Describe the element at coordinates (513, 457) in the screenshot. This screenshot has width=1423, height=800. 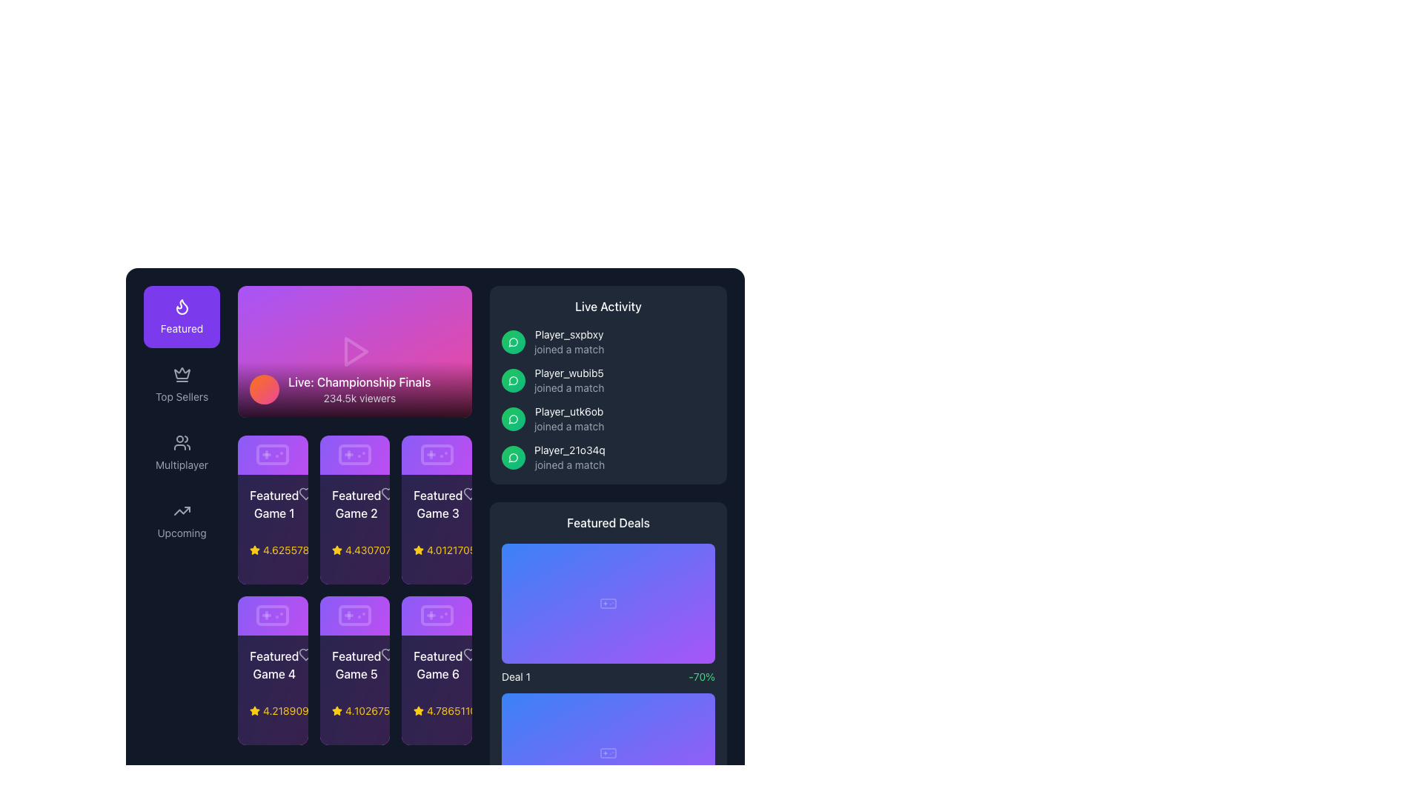
I see `the chat bubble icon with a green background located in the right panel under the 'Live Activity' section` at that location.